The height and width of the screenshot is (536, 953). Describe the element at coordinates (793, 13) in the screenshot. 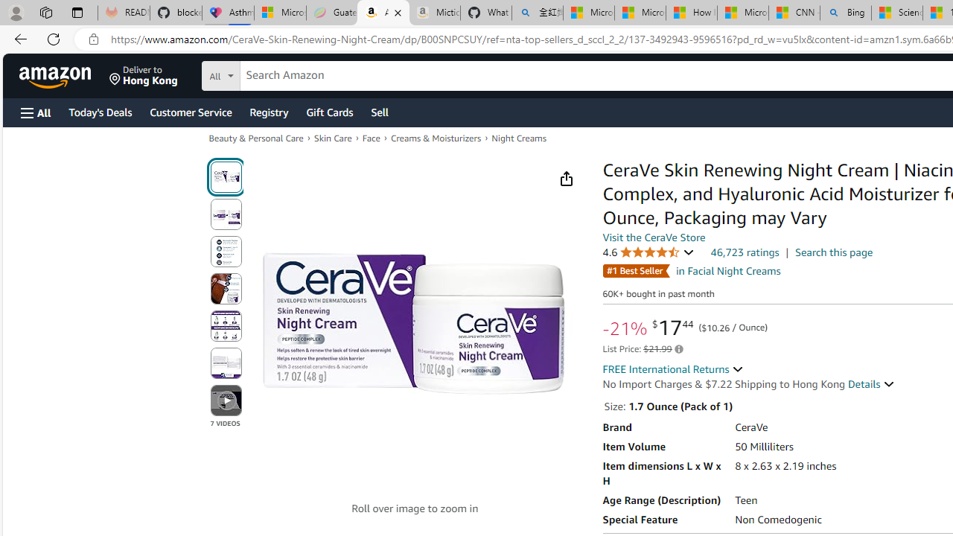

I see `'CNN - MSN'` at that location.